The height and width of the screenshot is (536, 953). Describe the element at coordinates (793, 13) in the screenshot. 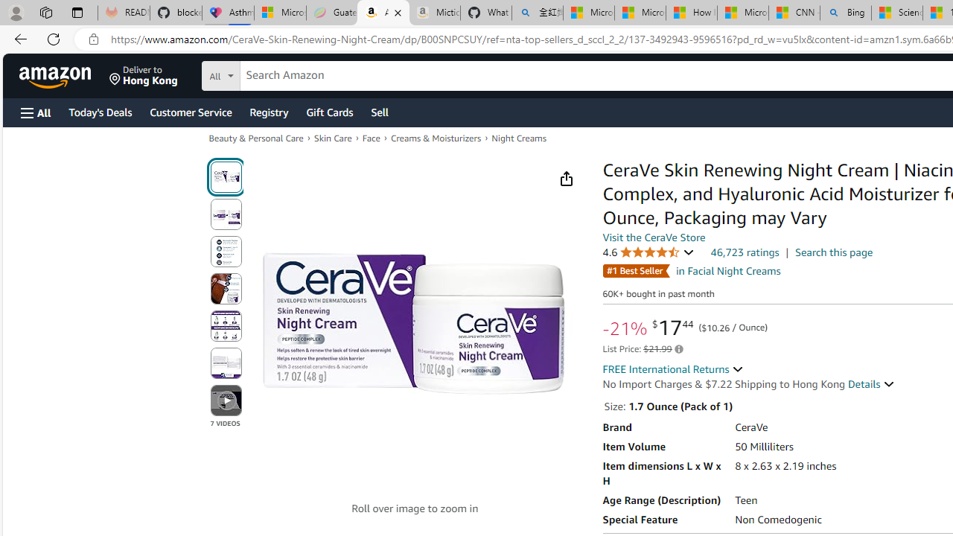

I see `'CNN - MSN'` at that location.